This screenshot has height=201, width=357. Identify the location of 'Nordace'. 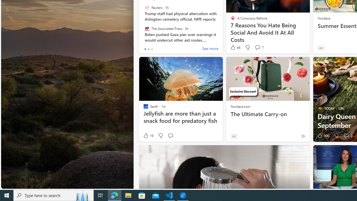
(324, 18).